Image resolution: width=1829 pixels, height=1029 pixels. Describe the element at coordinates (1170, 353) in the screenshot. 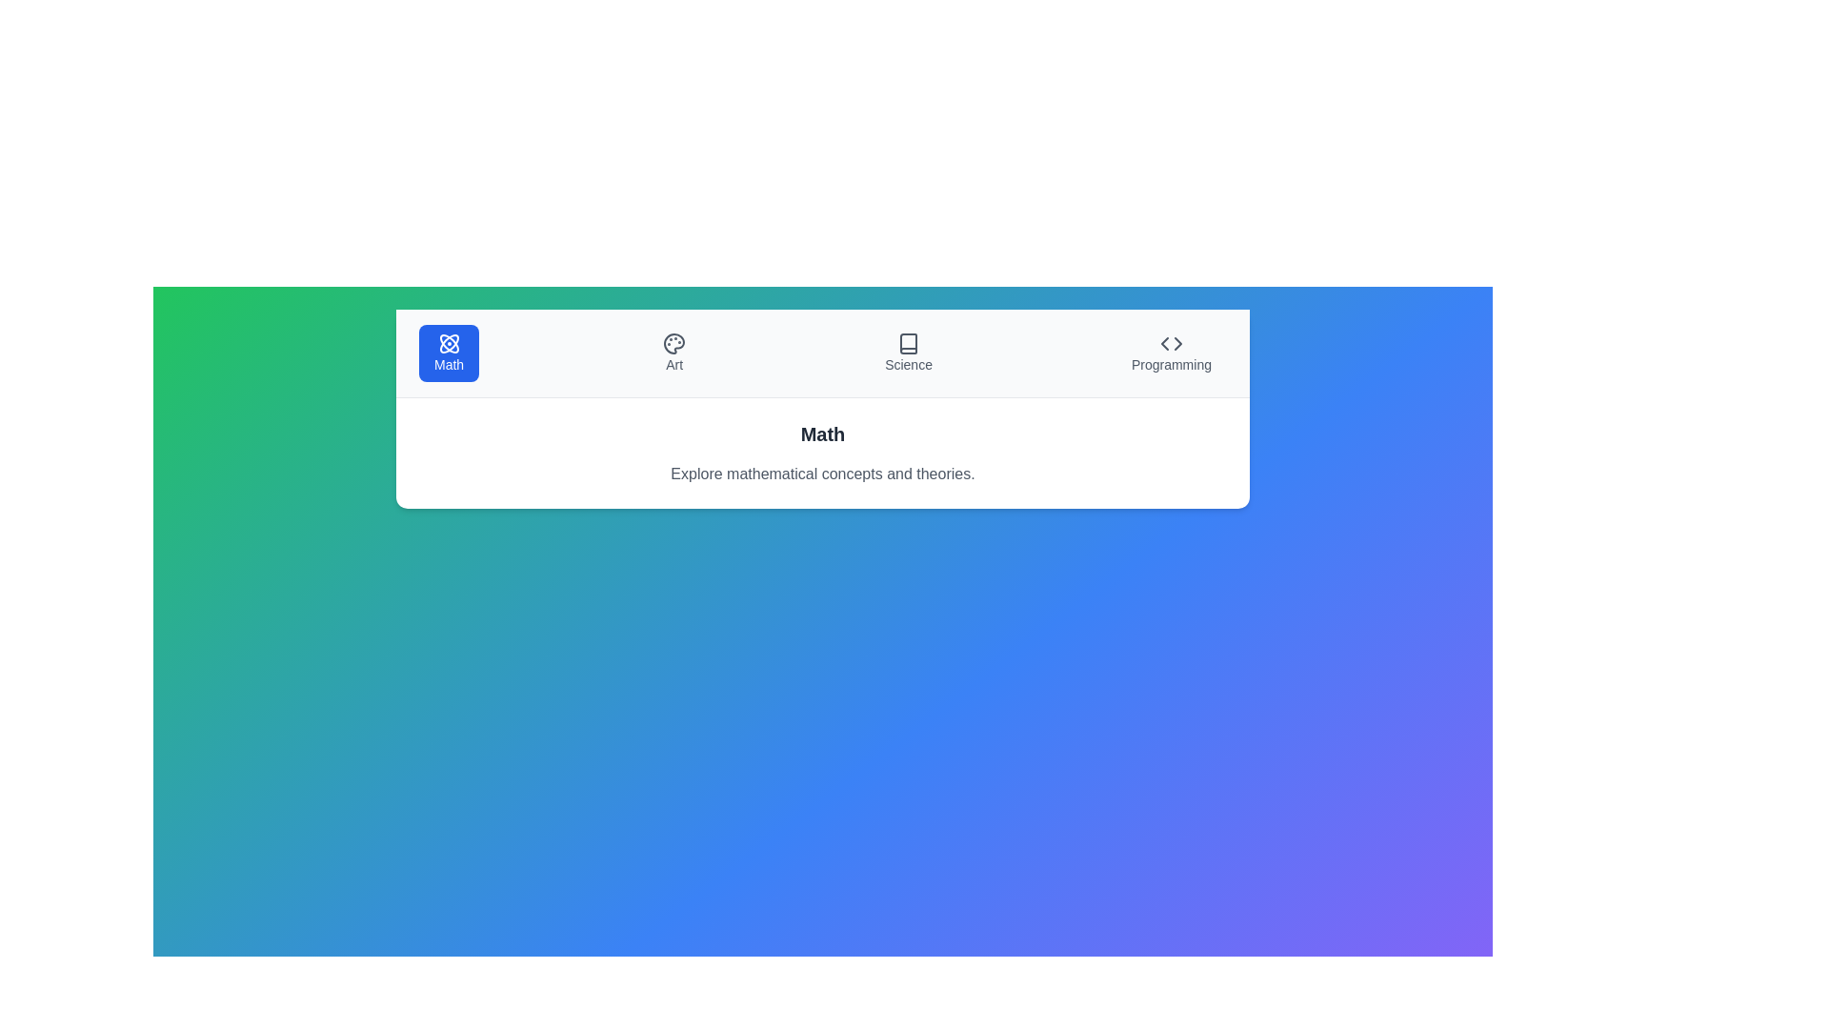

I see `the subject Programming by clicking on its respective button` at that location.